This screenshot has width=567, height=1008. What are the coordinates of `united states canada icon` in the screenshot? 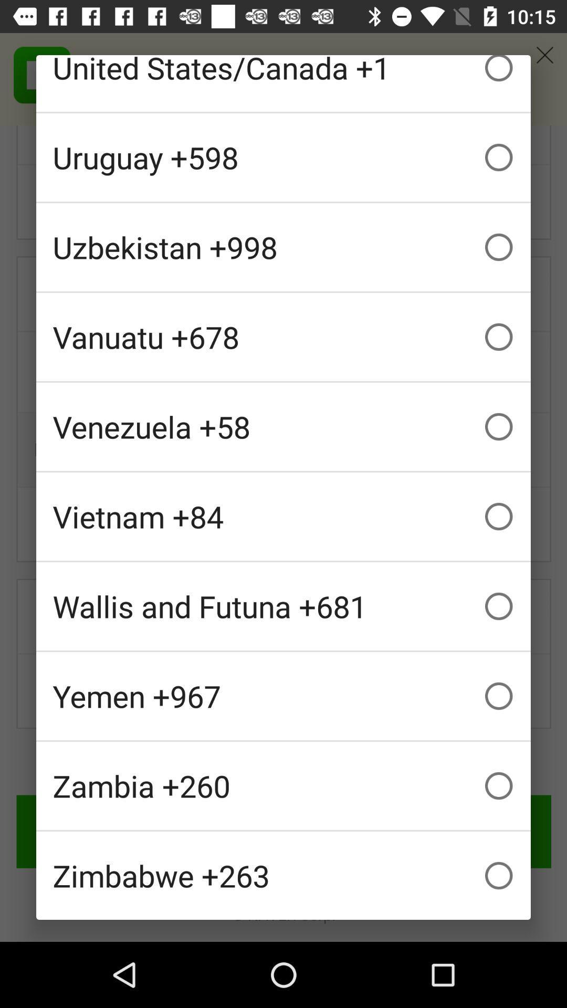 It's located at (283, 82).